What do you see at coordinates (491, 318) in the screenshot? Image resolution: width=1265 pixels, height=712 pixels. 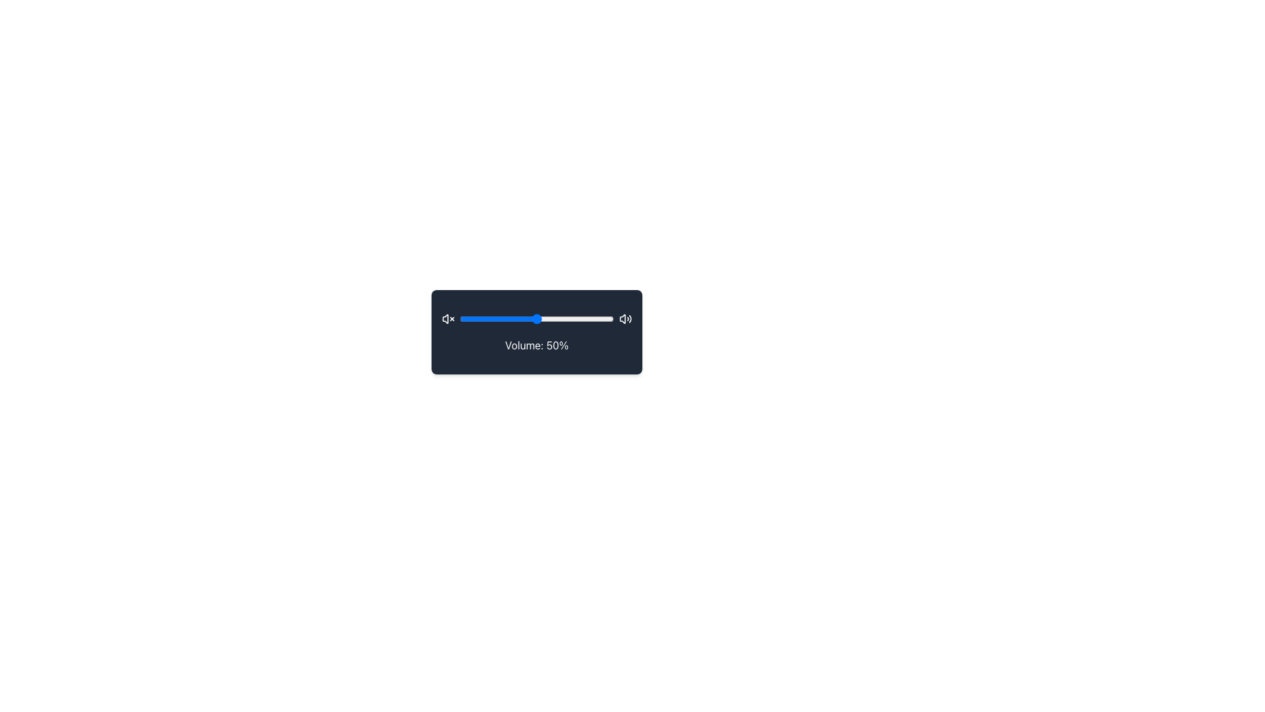 I see `the volume` at bounding box center [491, 318].